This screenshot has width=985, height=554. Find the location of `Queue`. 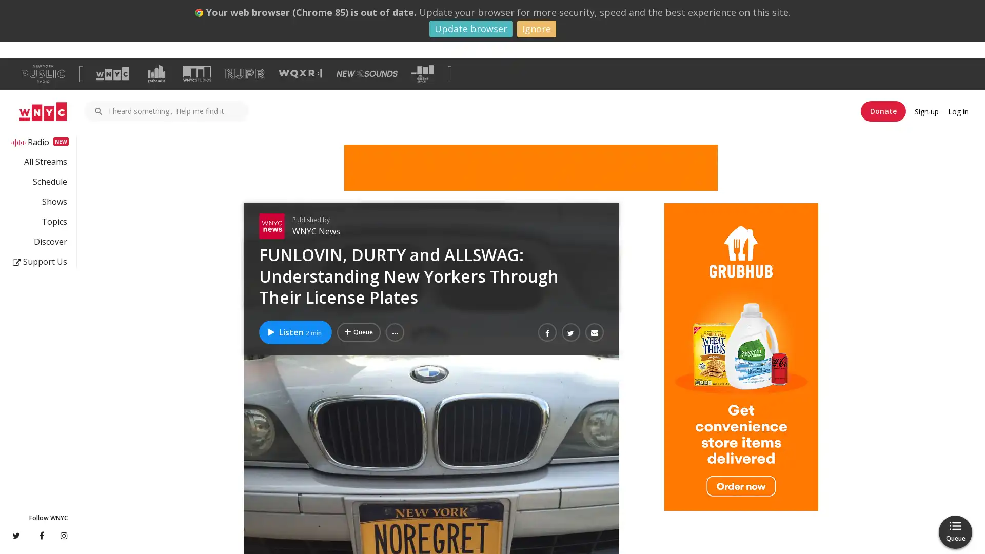

Queue is located at coordinates (955, 531).